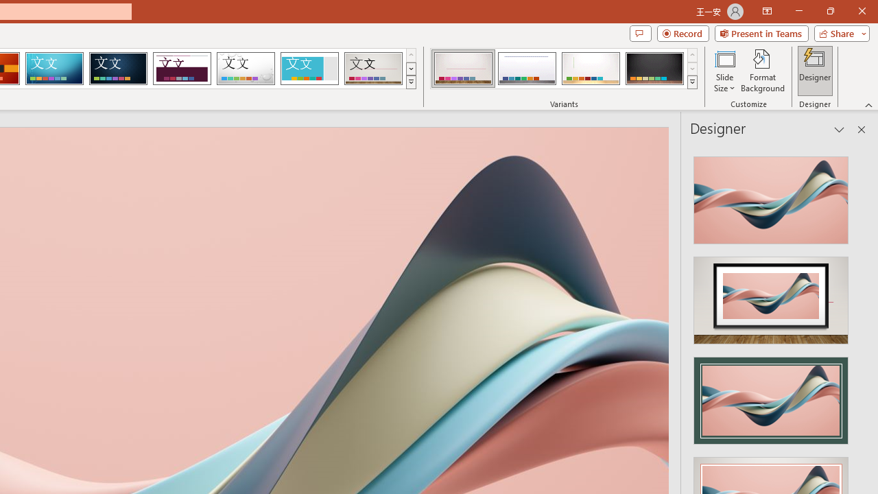 The image size is (878, 494). Describe the element at coordinates (181, 69) in the screenshot. I see `'Dividend'` at that location.